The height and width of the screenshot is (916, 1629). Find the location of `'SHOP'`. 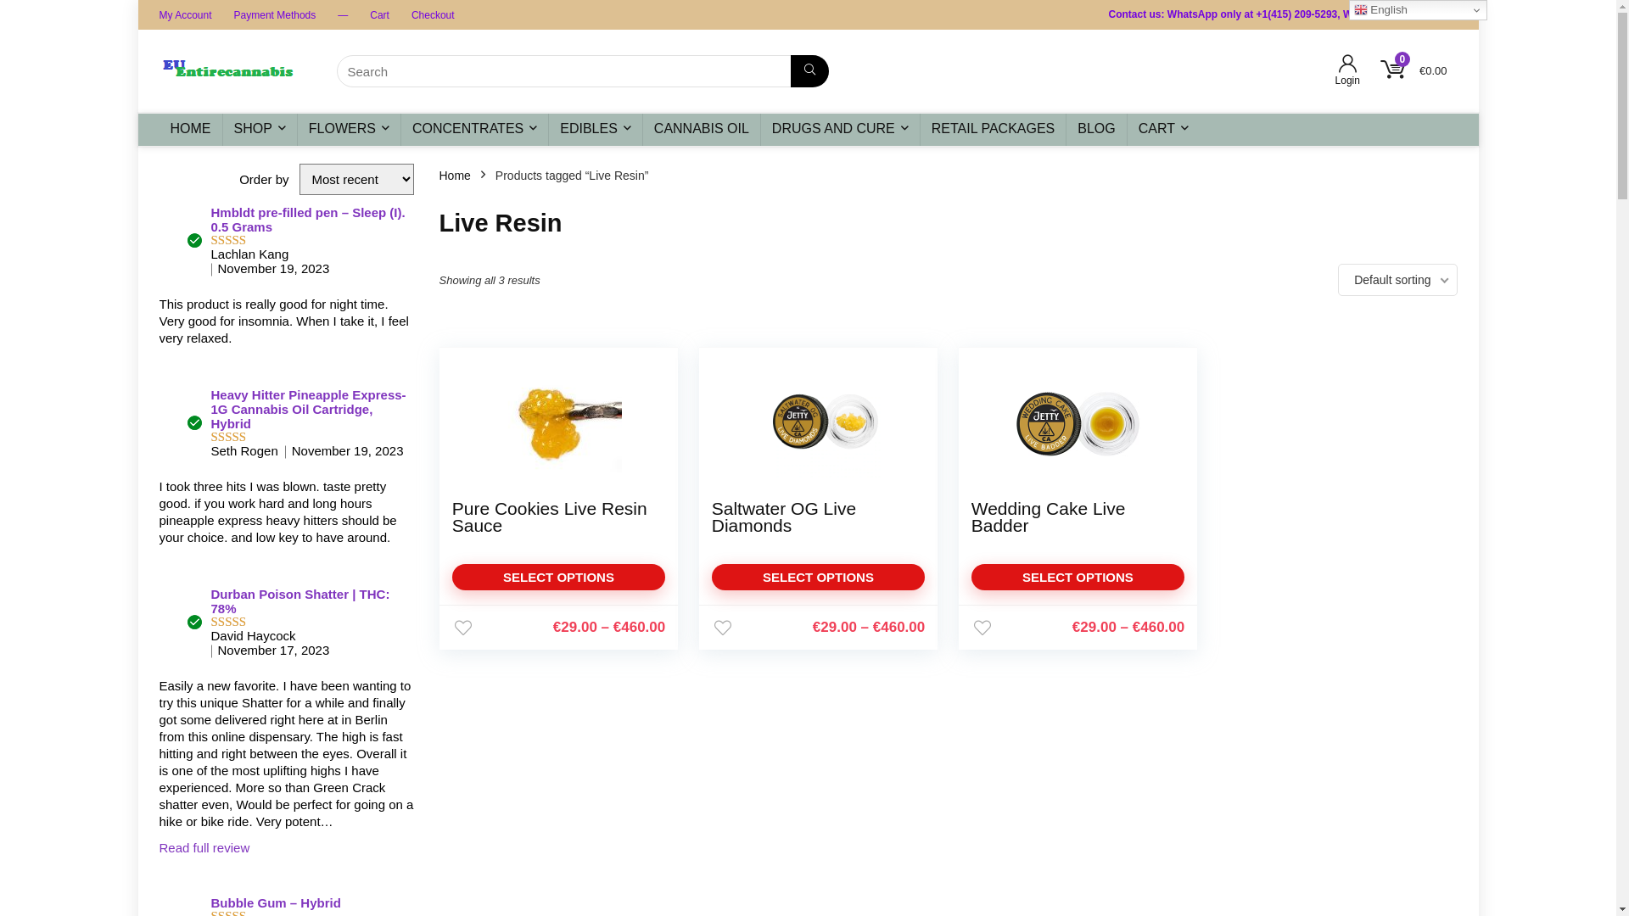

'SHOP' is located at coordinates (258, 129).